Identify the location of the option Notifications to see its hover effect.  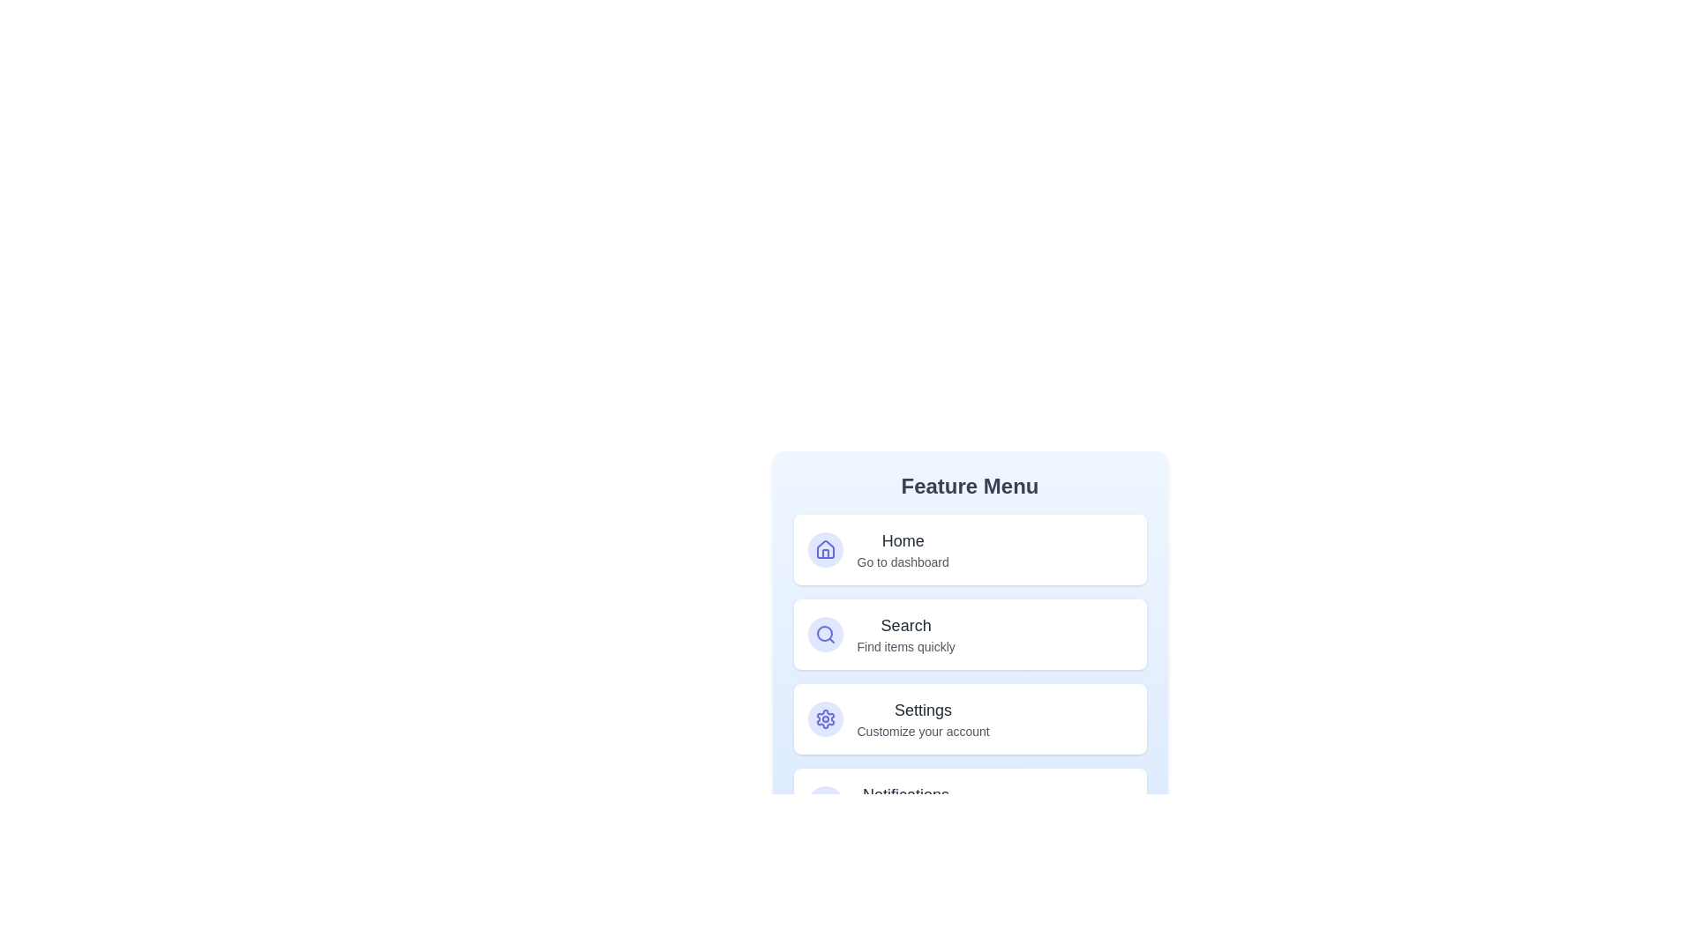
(969, 803).